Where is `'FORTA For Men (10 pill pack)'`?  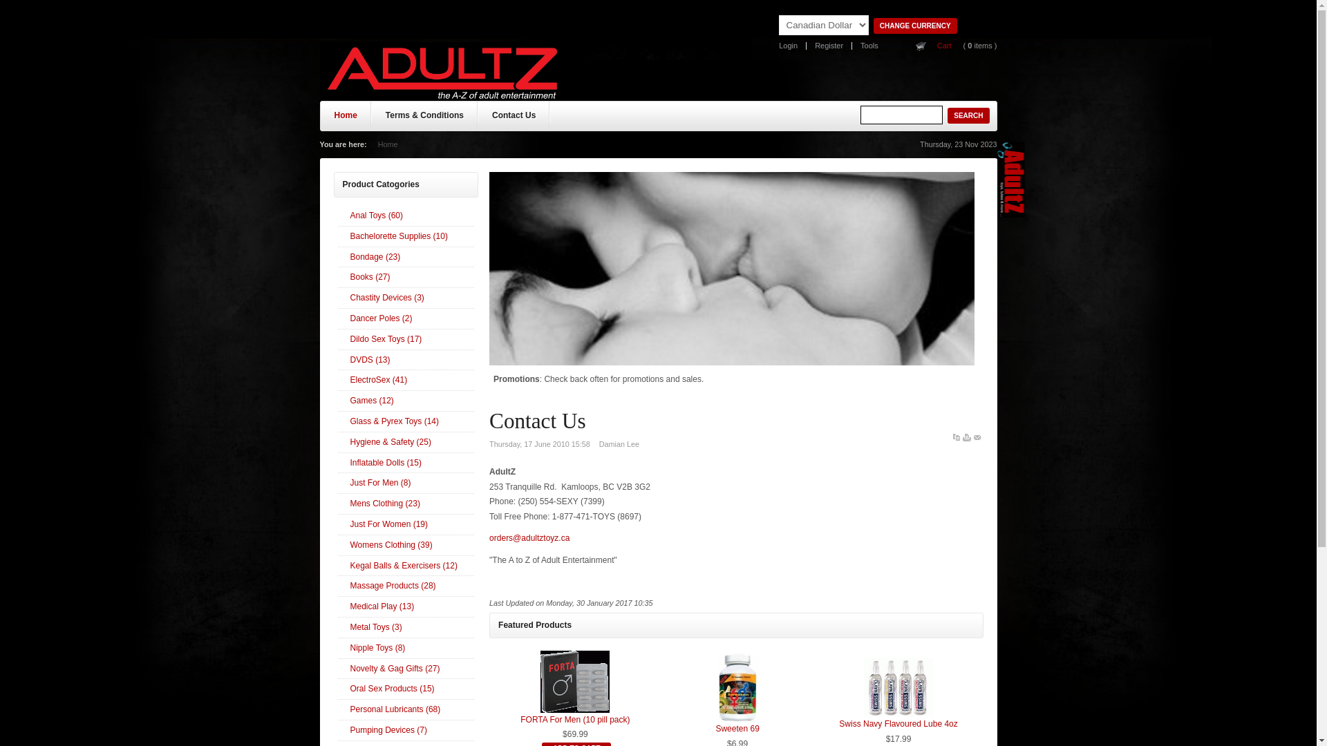 'FORTA For Men (10 pill pack)' is located at coordinates (574, 718).